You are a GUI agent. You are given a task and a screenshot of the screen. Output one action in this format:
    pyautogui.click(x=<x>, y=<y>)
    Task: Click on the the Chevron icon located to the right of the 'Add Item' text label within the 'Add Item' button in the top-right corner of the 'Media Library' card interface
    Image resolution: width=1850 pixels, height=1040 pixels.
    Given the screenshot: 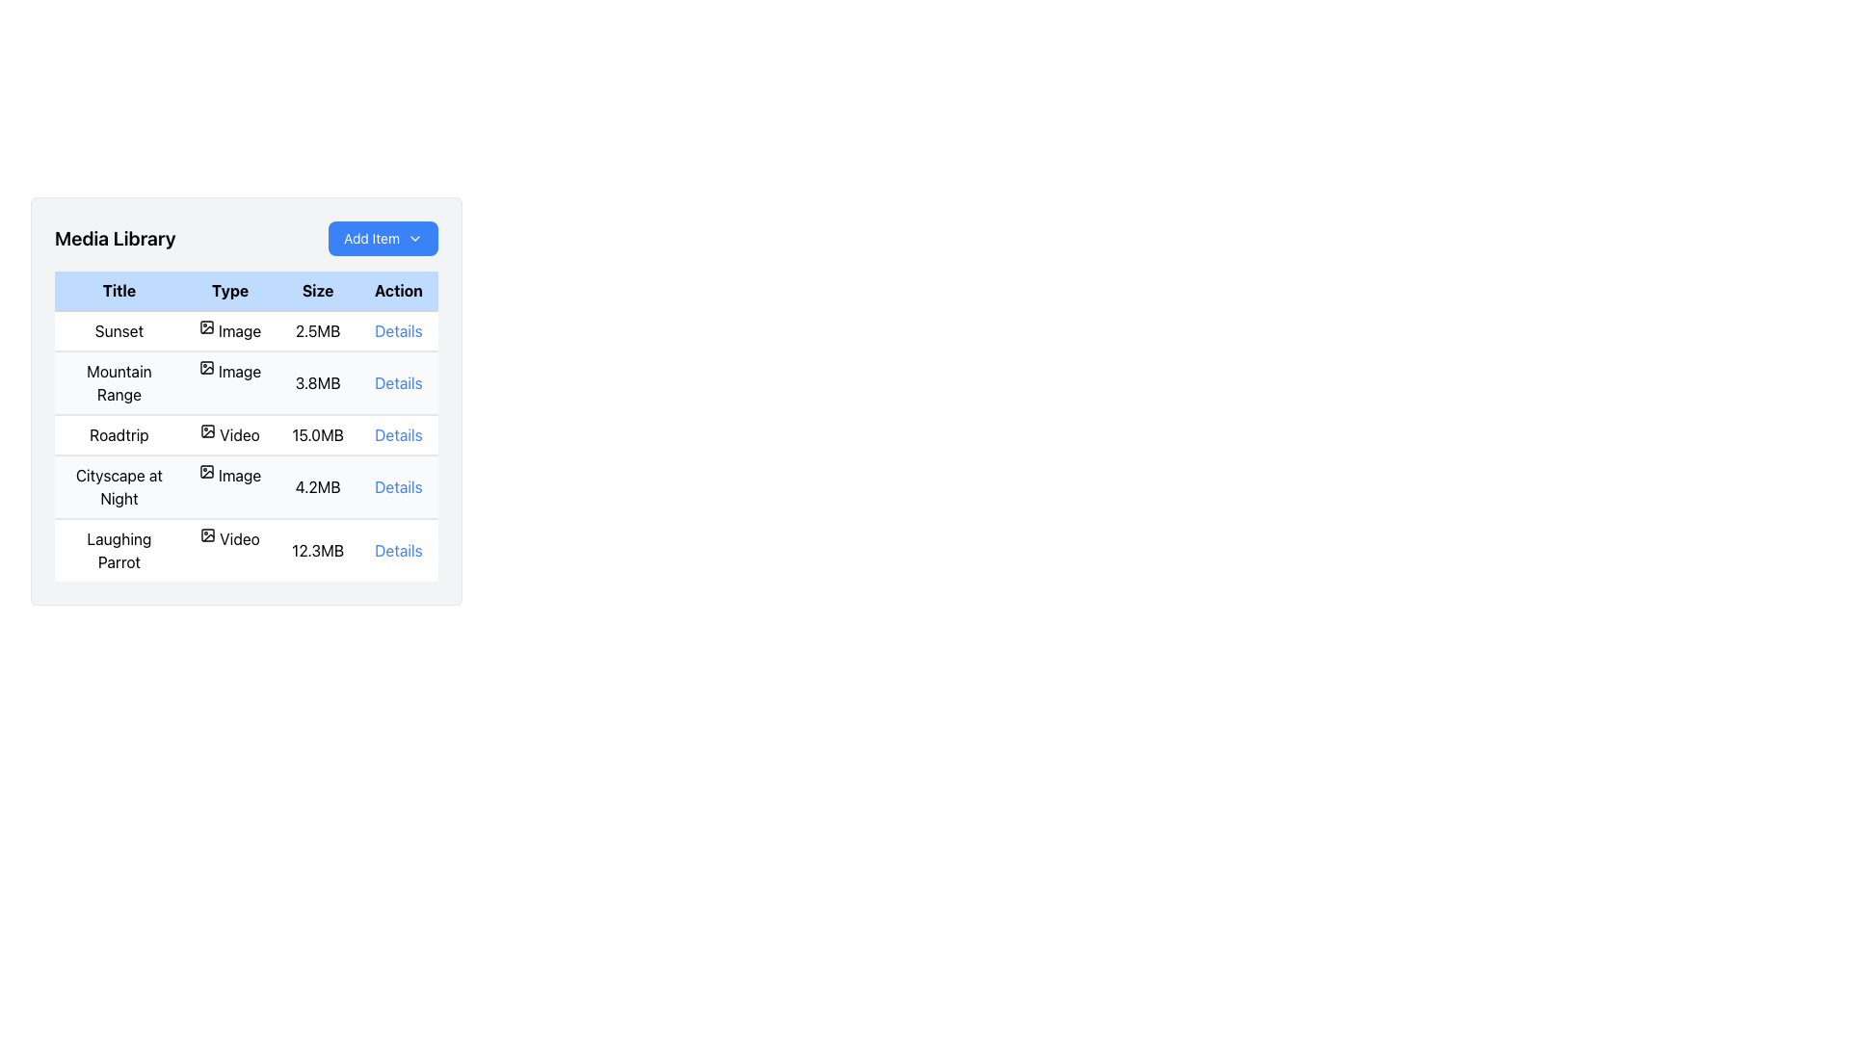 What is the action you would take?
    pyautogui.click(x=414, y=237)
    